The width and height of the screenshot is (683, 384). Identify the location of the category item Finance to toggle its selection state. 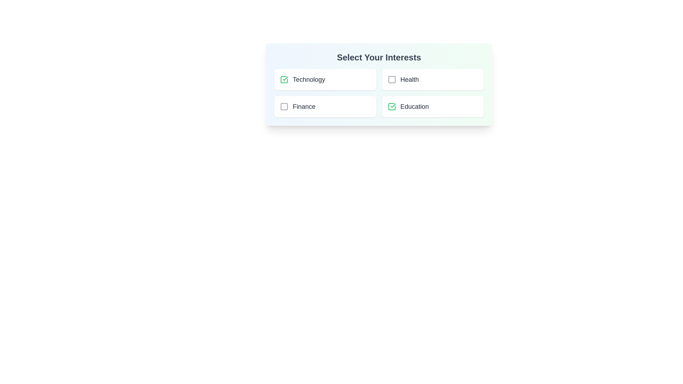
(325, 107).